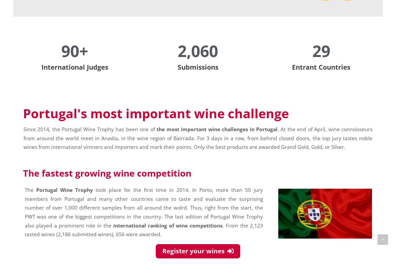 The width and height of the screenshot is (396, 275). I want to click on 'international ranking of wine competitions', so click(113, 225).